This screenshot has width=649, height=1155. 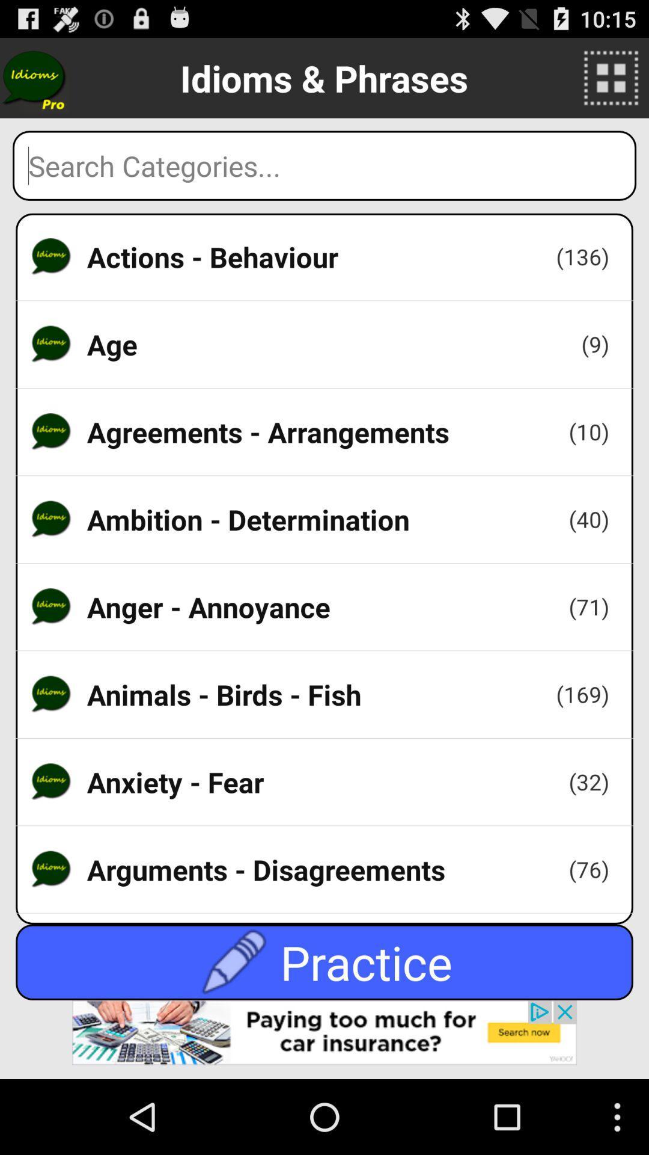 I want to click on the dashboard icon, so click(x=611, y=82).